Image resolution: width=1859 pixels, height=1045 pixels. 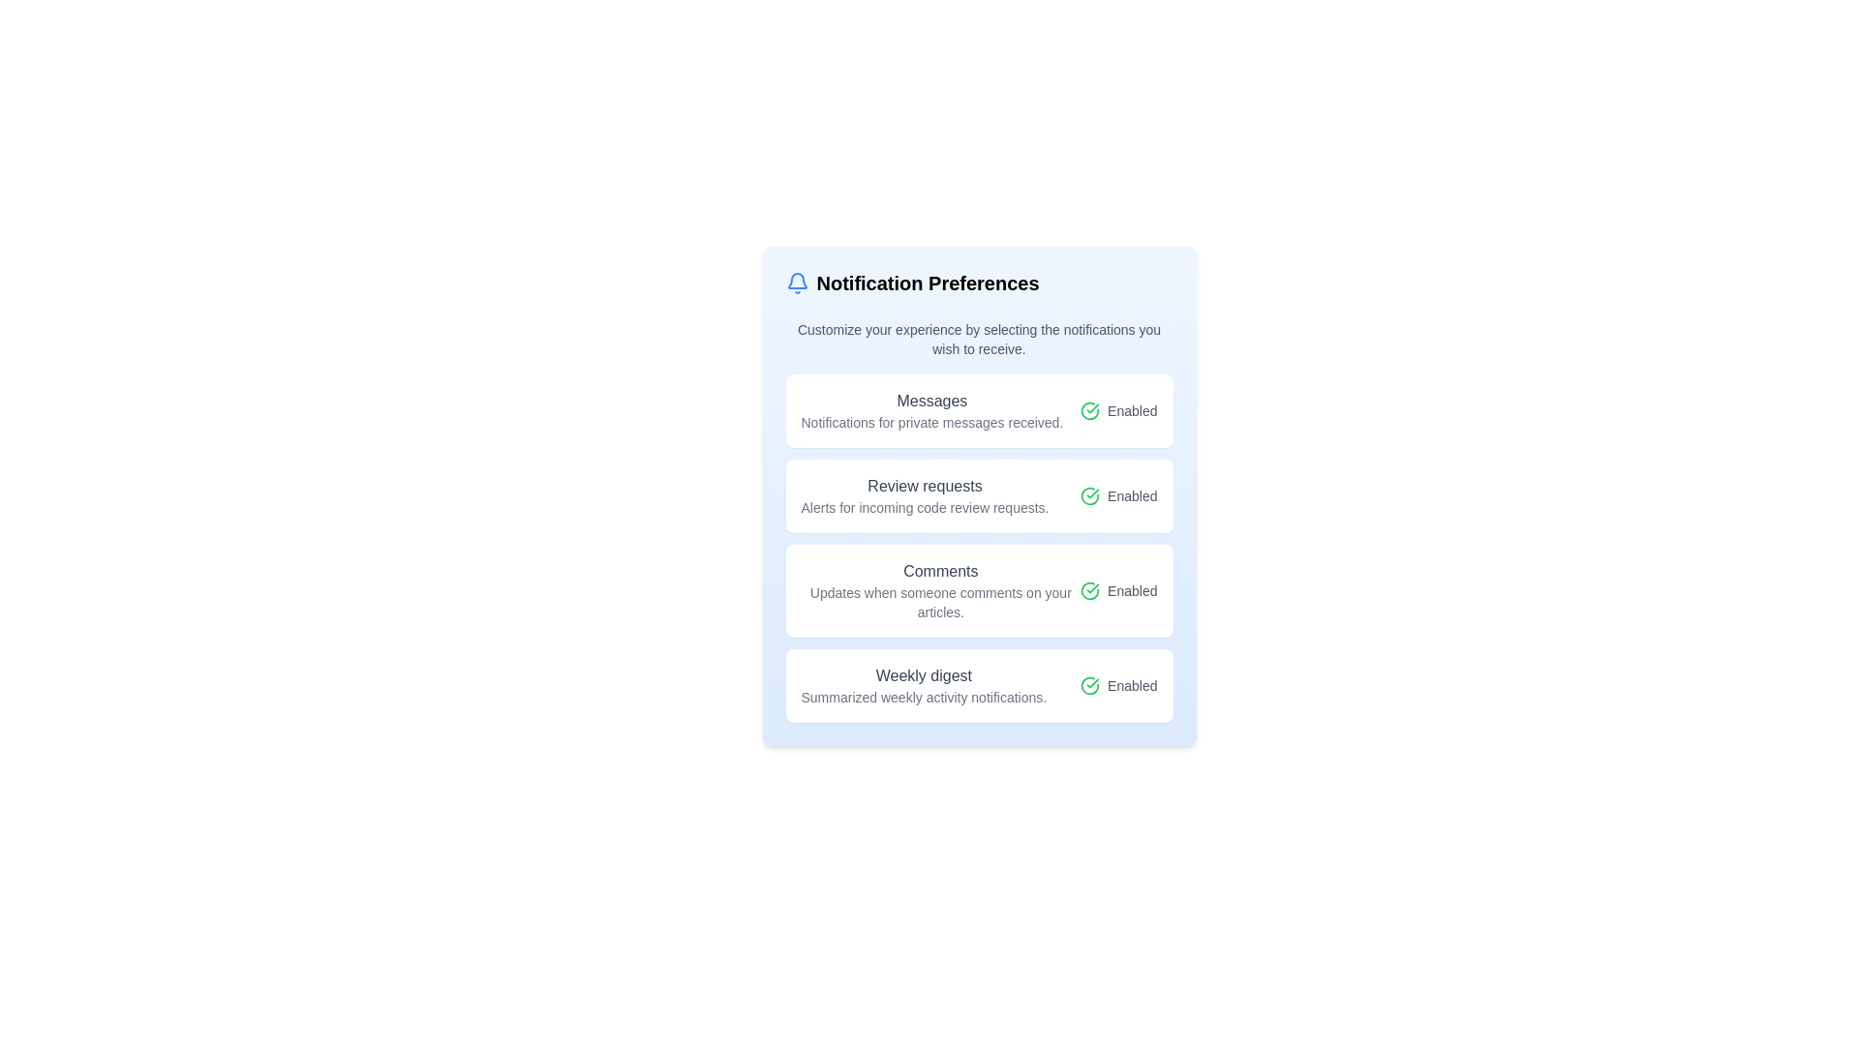 What do you see at coordinates (1118, 589) in the screenshot?
I see `the activation status of the Status indicator for the 'Comments' notification preference, located at the right end of the 'Comments' item` at bounding box center [1118, 589].